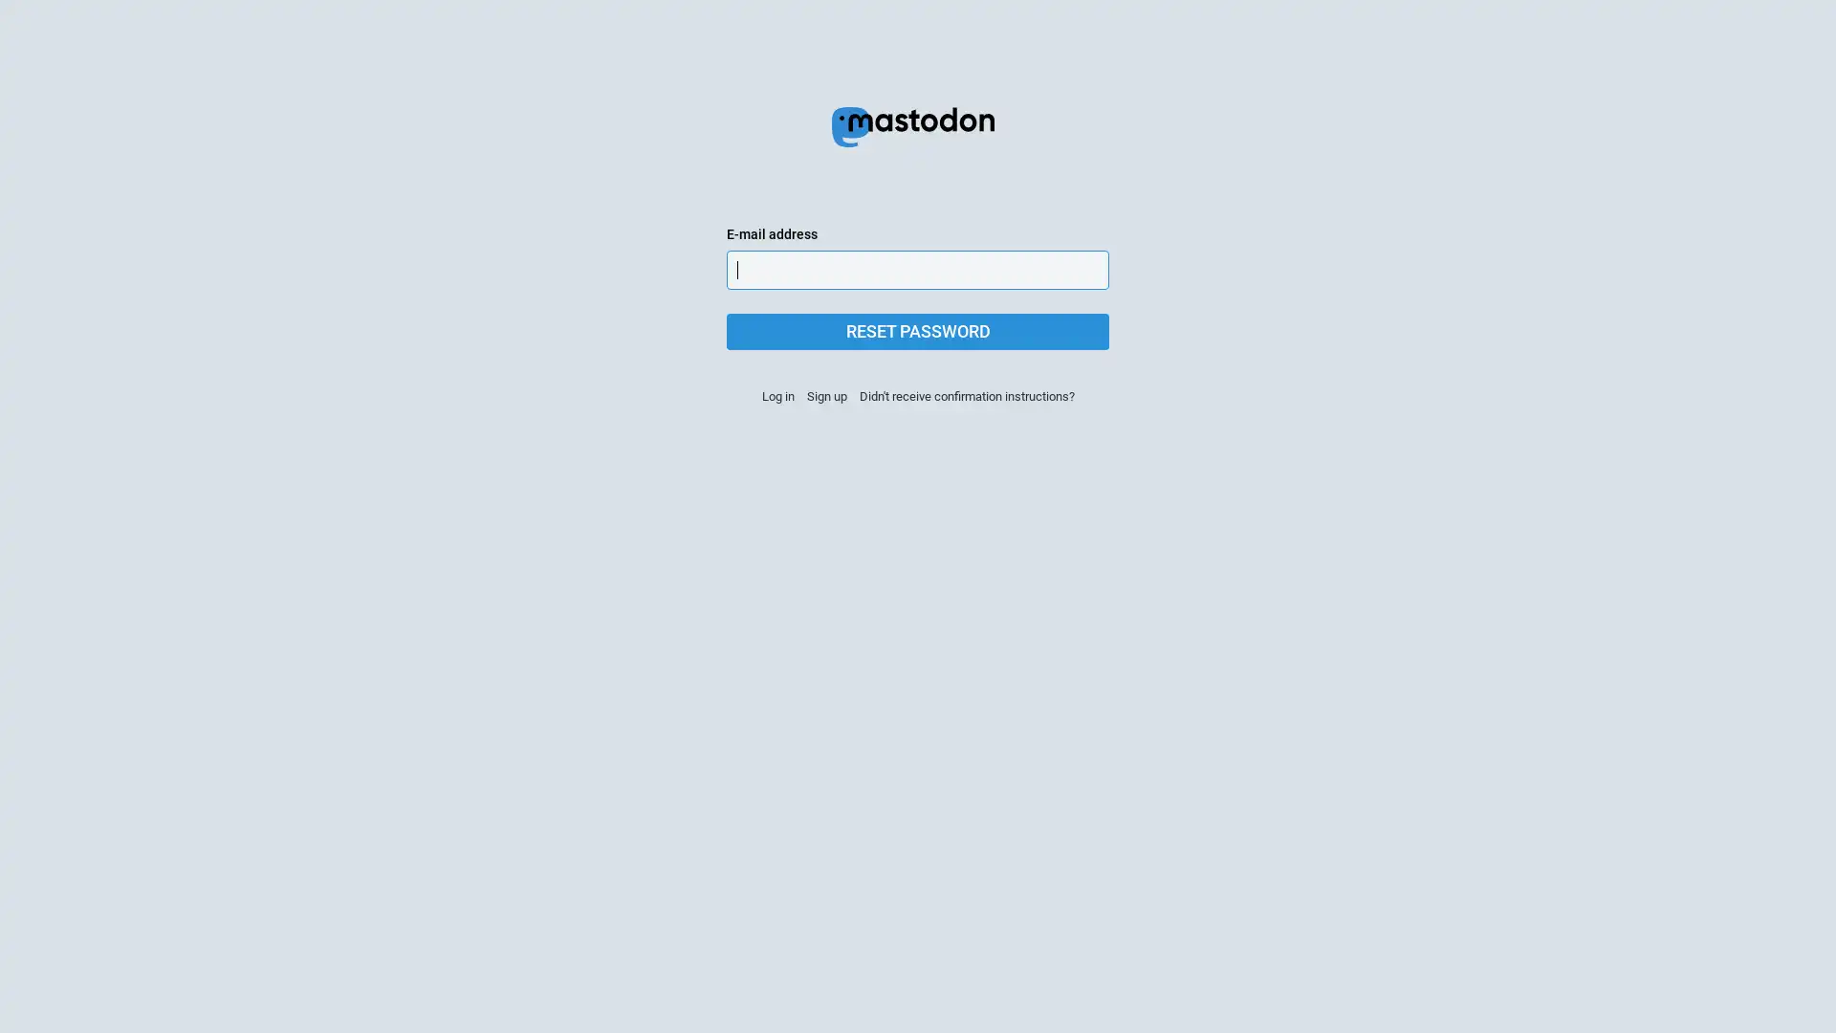  Describe the element at coordinates (918, 331) in the screenshot. I see `RESET PASSWORD` at that location.